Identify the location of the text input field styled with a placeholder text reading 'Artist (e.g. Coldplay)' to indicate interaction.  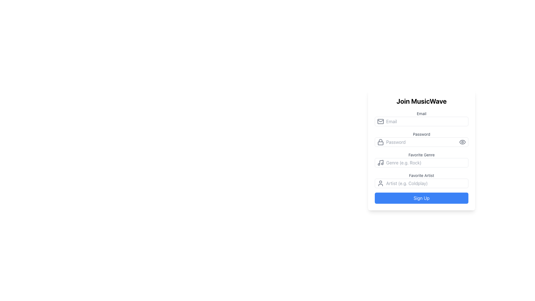
(426, 183).